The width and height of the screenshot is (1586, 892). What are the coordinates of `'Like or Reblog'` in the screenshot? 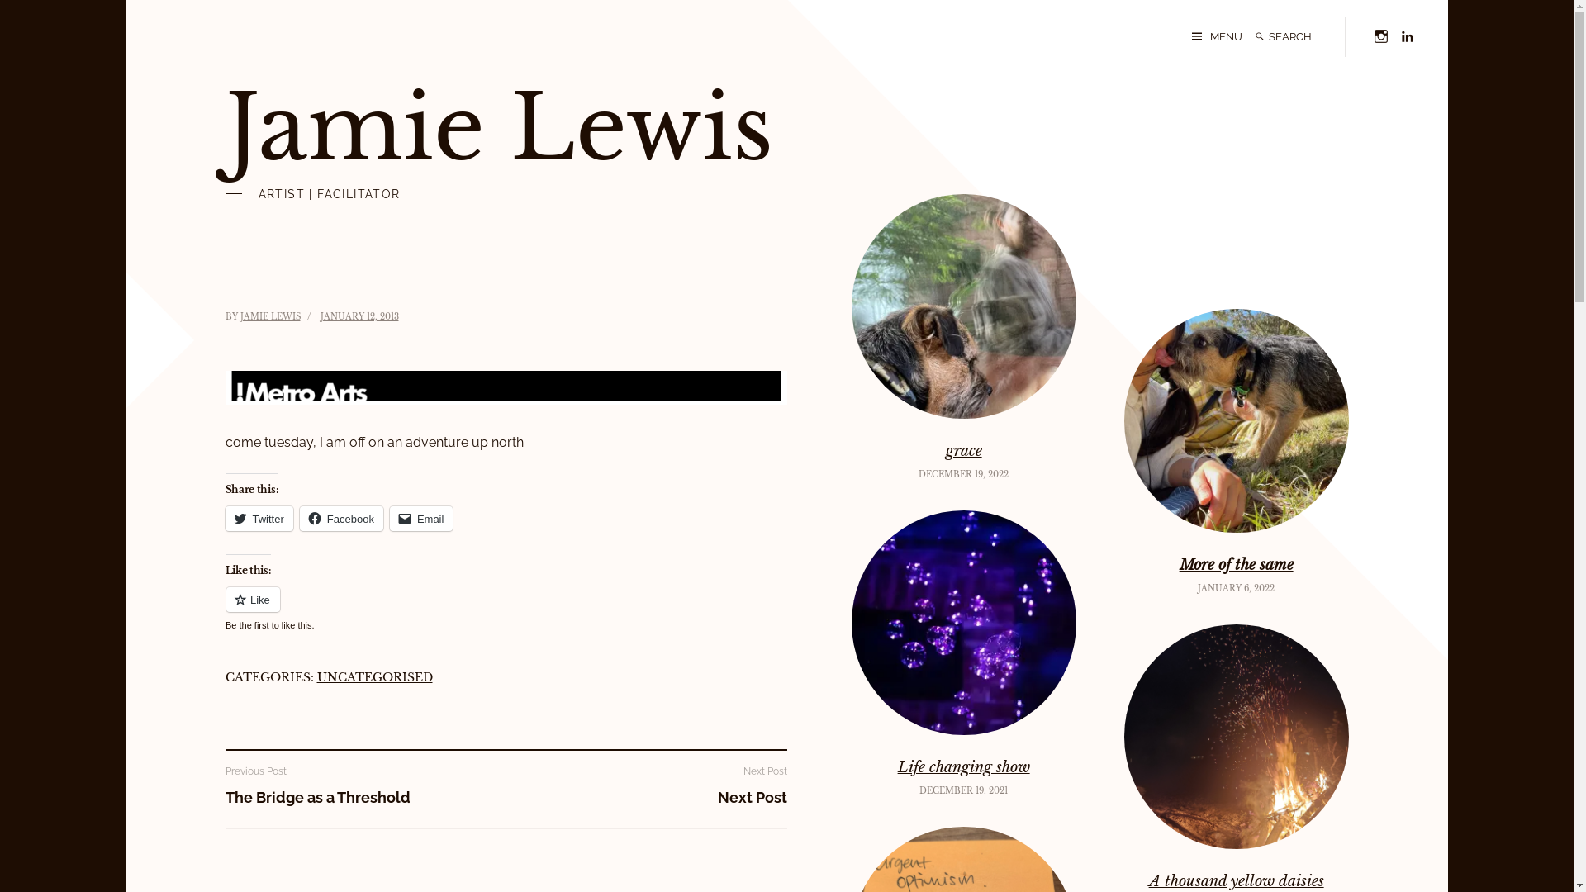 It's located at (504, 609).